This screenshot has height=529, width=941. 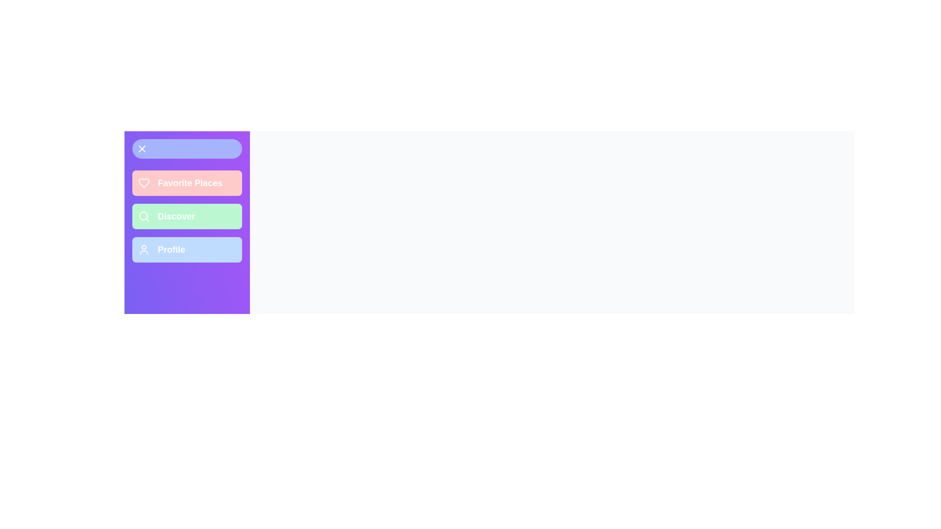 I want to click on the menu item labeled Profile, so click(x=187, y=249).